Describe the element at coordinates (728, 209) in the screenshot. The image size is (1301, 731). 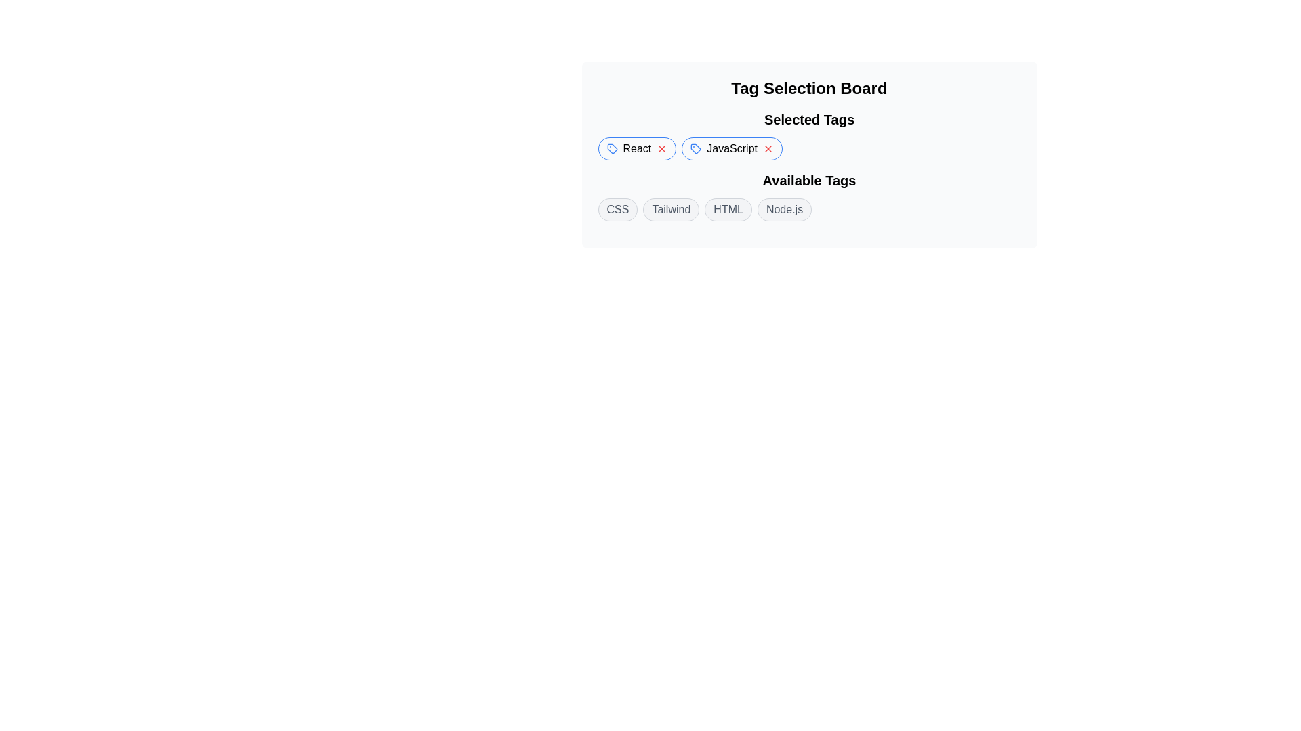
I see `the interactive tag component for the 'HTML' tag in the 'Available Tags' section` at that location.